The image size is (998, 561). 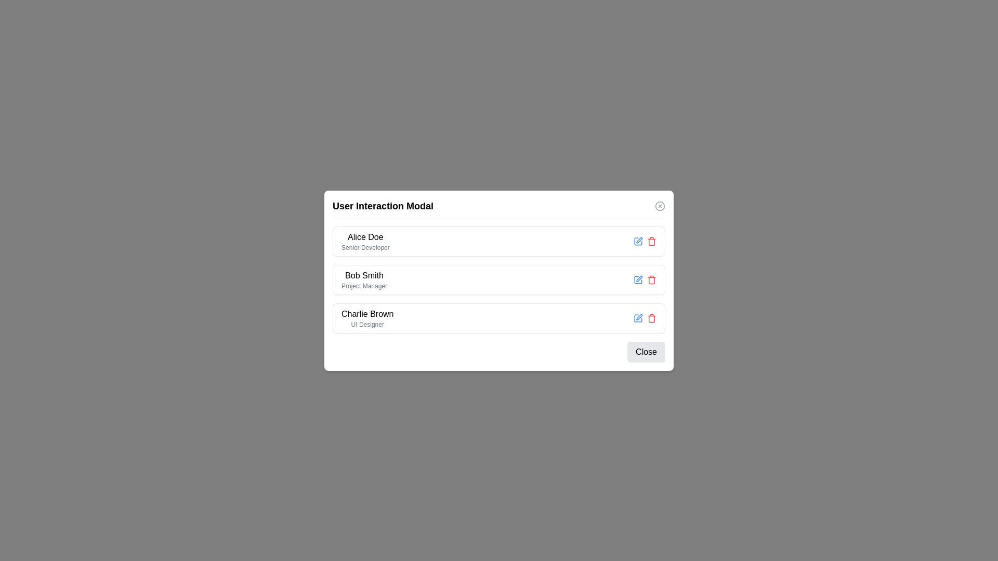 I want to click on the red trash icon button used for deletion located to the right of 'Charlie Brown - UI Designer' in the modal, so click(x=651, y=317).